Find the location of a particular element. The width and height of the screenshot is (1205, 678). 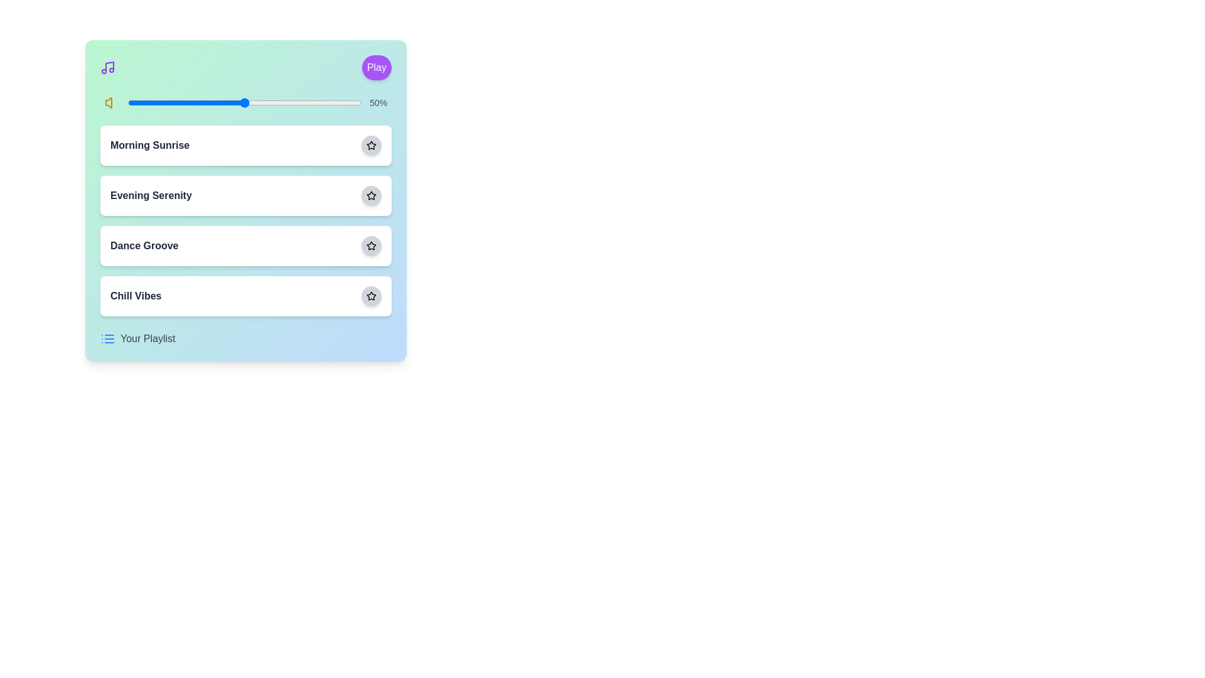

the music-related icon located at the far left of the application, adjacent to the speaker icon and above the progress bar is located at coordinates (108, 68).